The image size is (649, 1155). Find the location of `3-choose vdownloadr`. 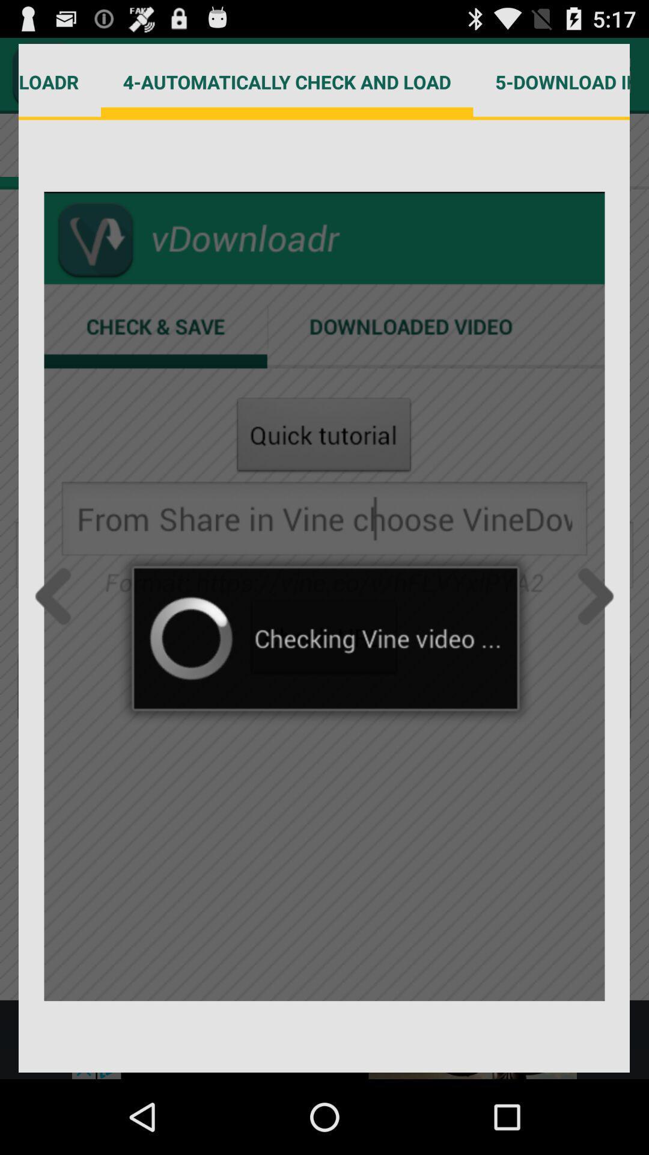

3-choose vdownloadr is located at coordinates (59, 81).